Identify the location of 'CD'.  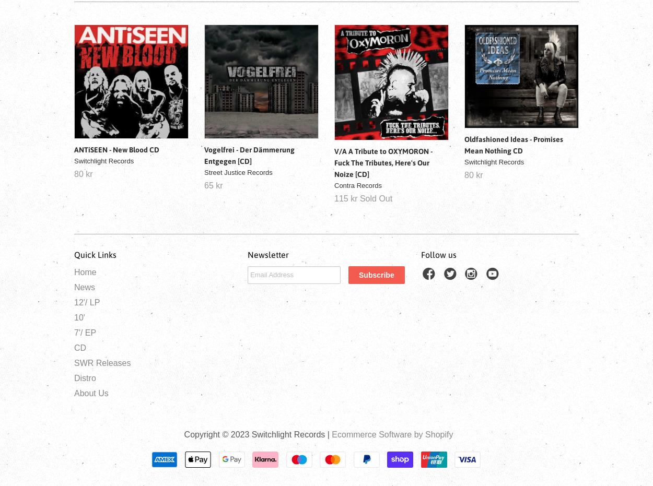
(80, 347).